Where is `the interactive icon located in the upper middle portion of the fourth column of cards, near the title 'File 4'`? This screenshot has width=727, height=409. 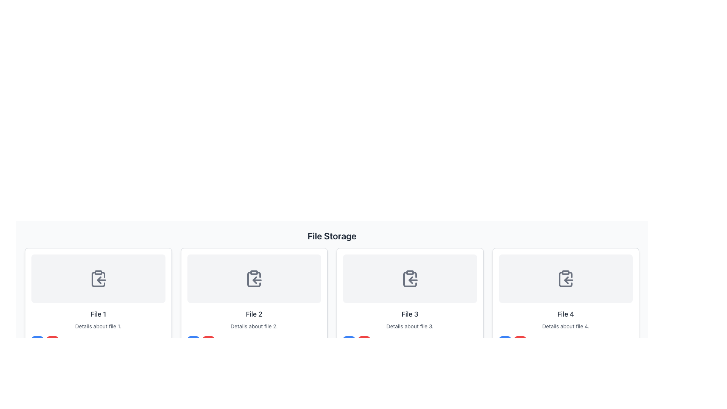
the interactive icon located in the upper middle portion of the fourth column of cards, near the title 'File 4' is located at coordinates (565, 279).